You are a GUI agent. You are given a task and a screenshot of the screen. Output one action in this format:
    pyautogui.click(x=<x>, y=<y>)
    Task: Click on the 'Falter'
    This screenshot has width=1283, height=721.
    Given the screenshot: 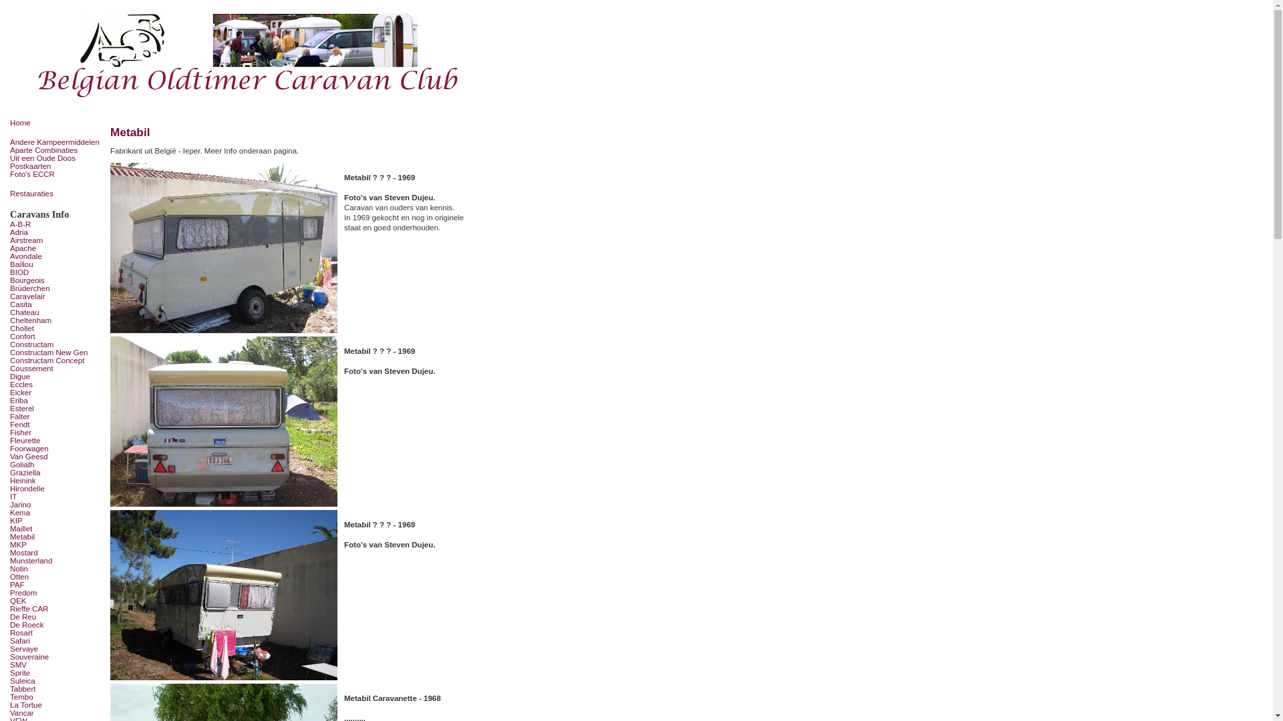 What is the action you would take?
    pyautogui.click(x=56, y=416)
    